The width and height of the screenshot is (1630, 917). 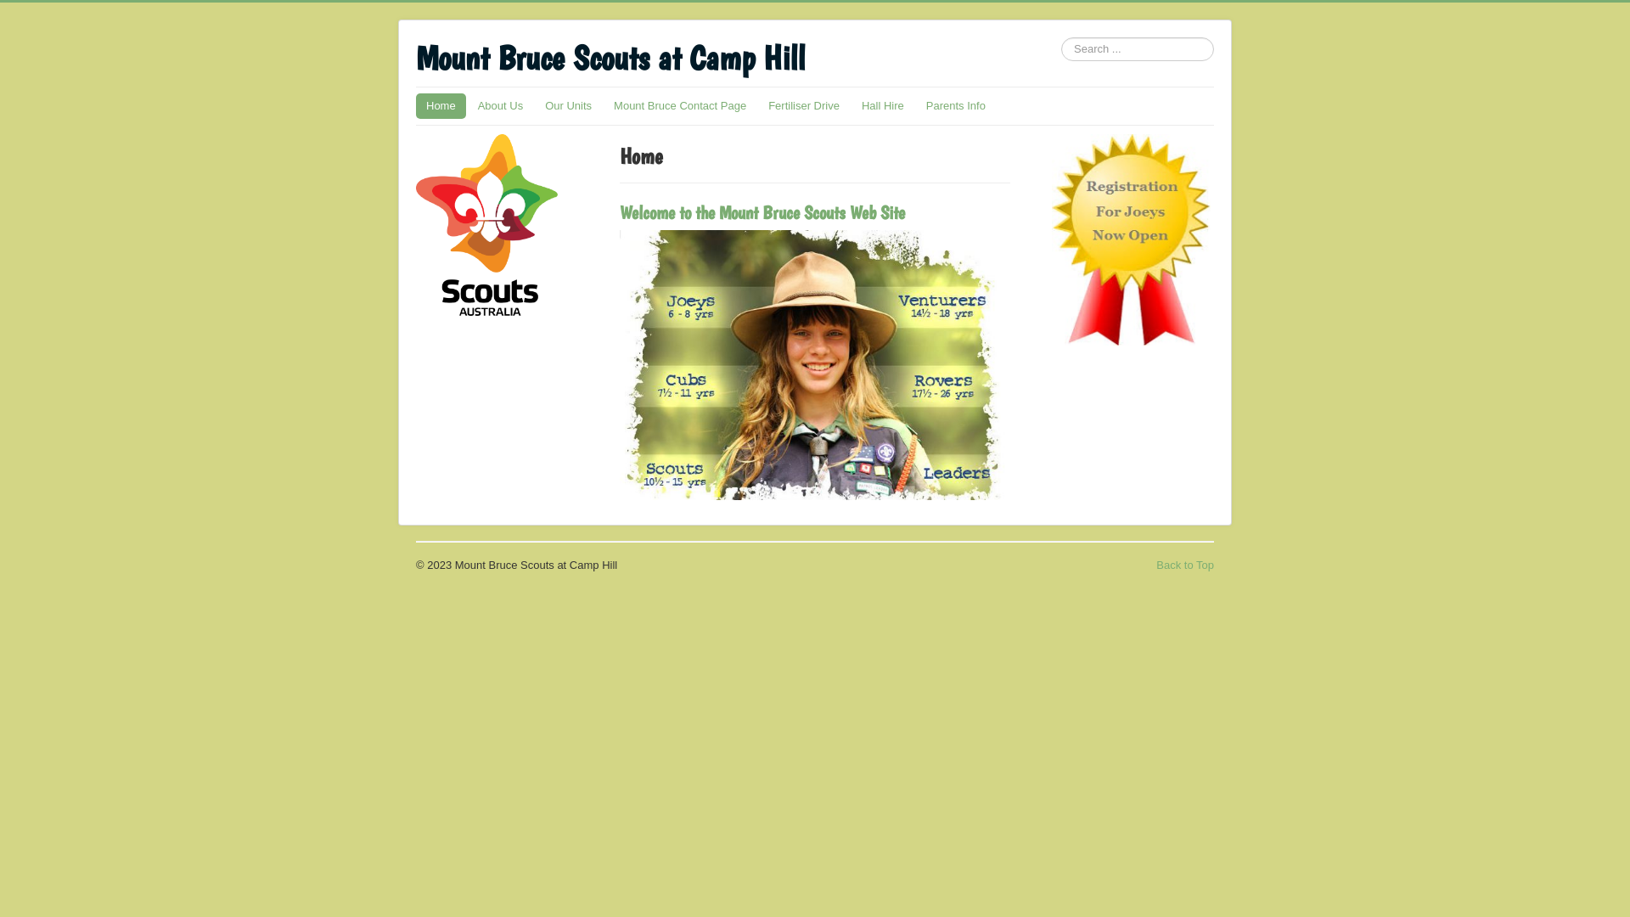 I want to click on 'Our Units', so click(x=568, y=105).